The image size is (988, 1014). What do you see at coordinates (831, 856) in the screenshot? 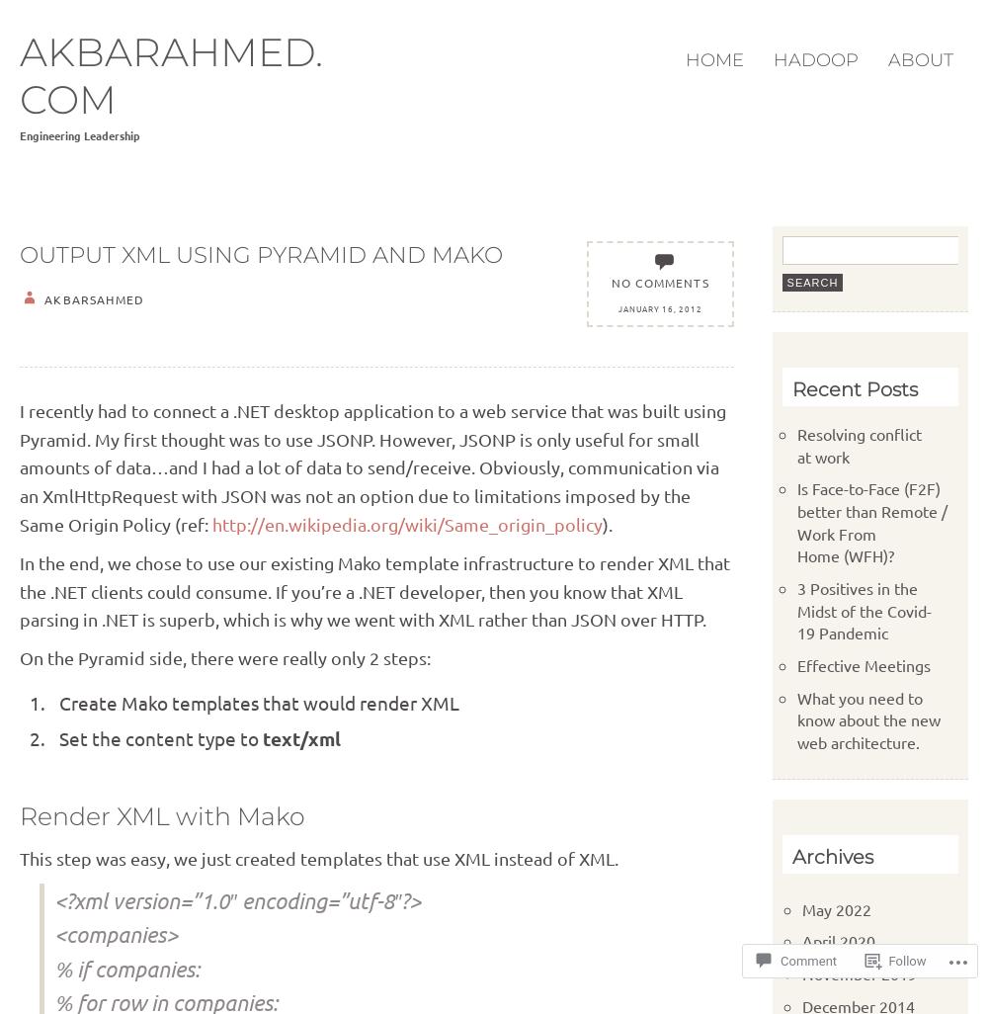
I see `'Archives'` at bounding box center [831, 856].